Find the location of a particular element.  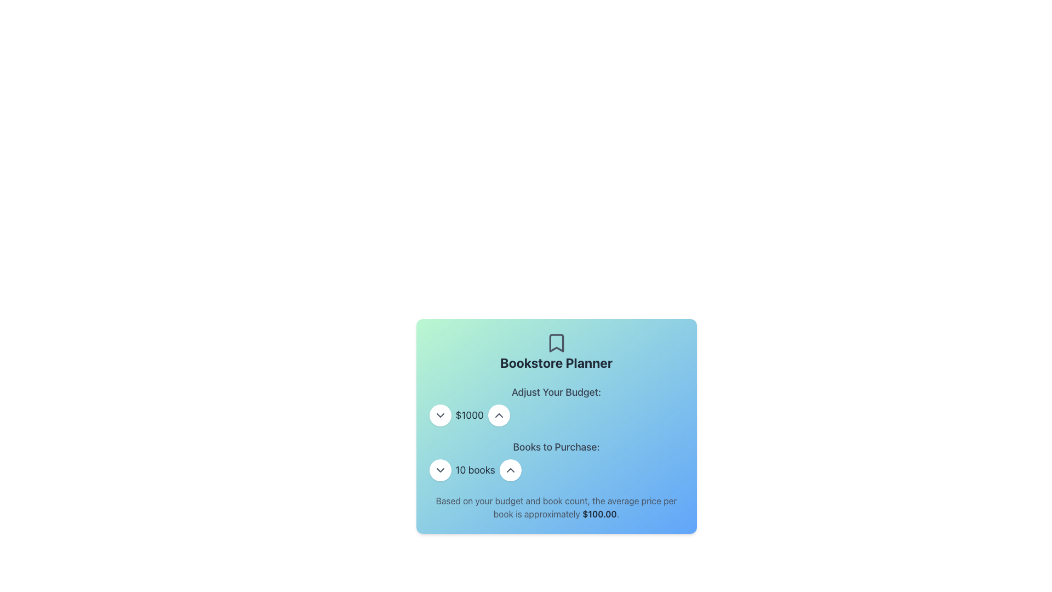

the circular button with a downward-pointing chevron icon located in the 'Books to Purchase:' section to reduce the value is located at coordinates (440, 469).